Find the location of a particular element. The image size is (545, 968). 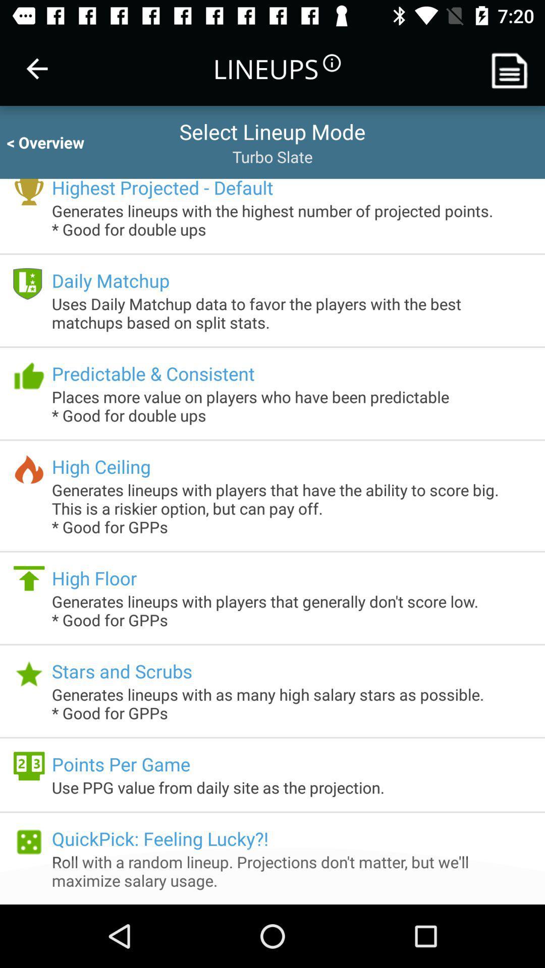

the < overview item is located at coordinates (54, 142).